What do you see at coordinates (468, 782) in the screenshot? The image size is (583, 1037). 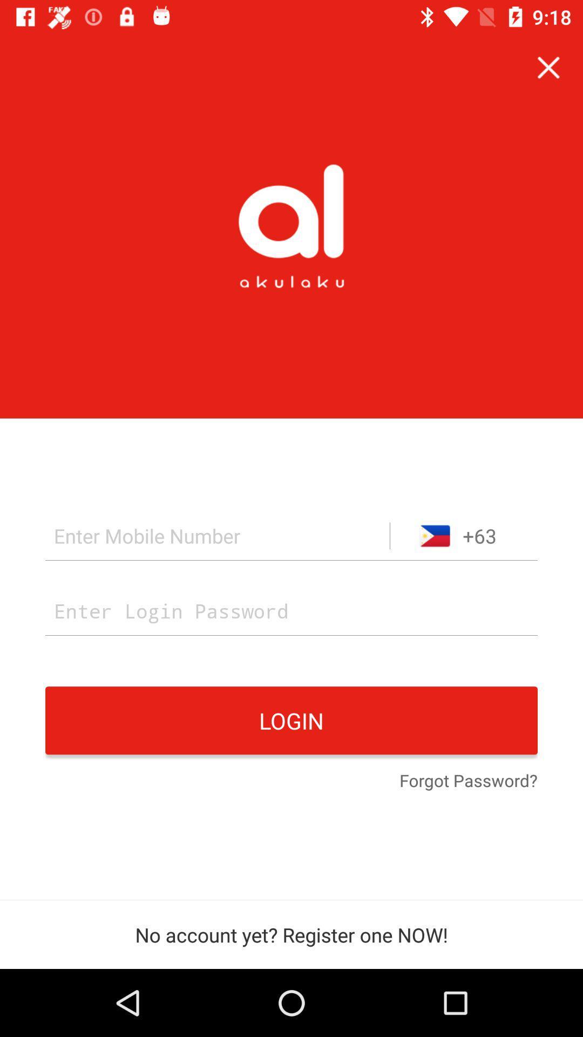 I see `the forgot password? item` at bounding box center [468, 782].